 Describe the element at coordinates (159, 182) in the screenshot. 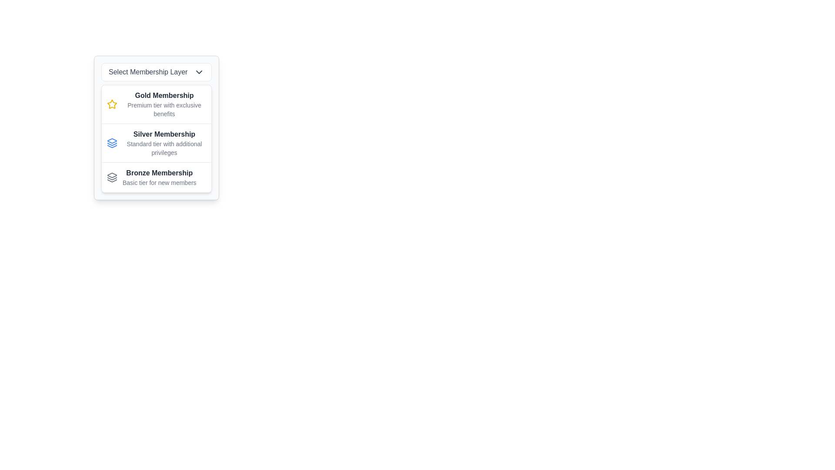

I see `the text element styled in small gray font that reads 'Basic tier for new members,' located below the title 'Bronze Membership' in the membership options menu` at that location.